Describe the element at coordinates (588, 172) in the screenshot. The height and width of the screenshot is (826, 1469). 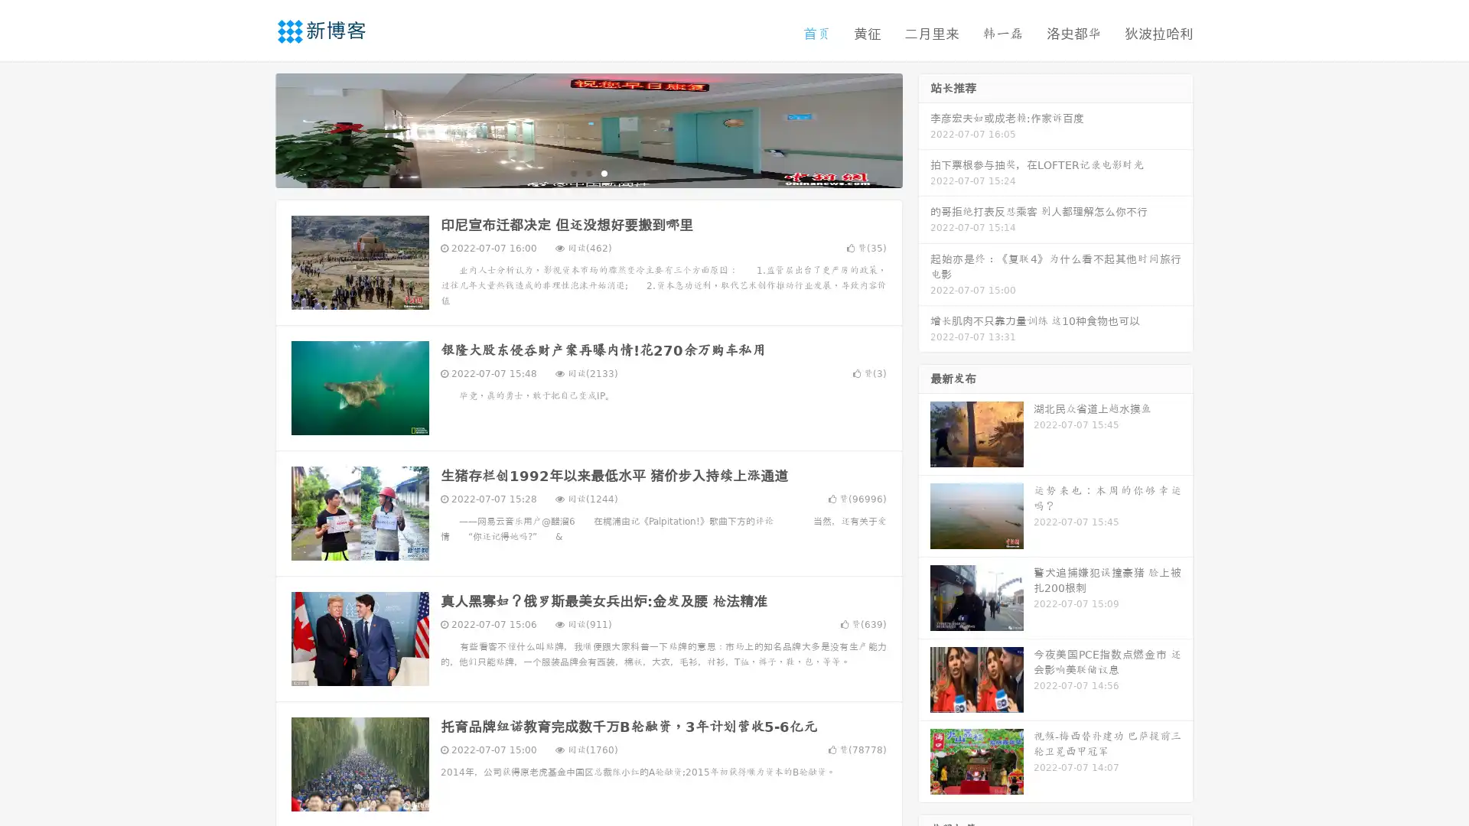
I see `Go to slide 2` at that location.